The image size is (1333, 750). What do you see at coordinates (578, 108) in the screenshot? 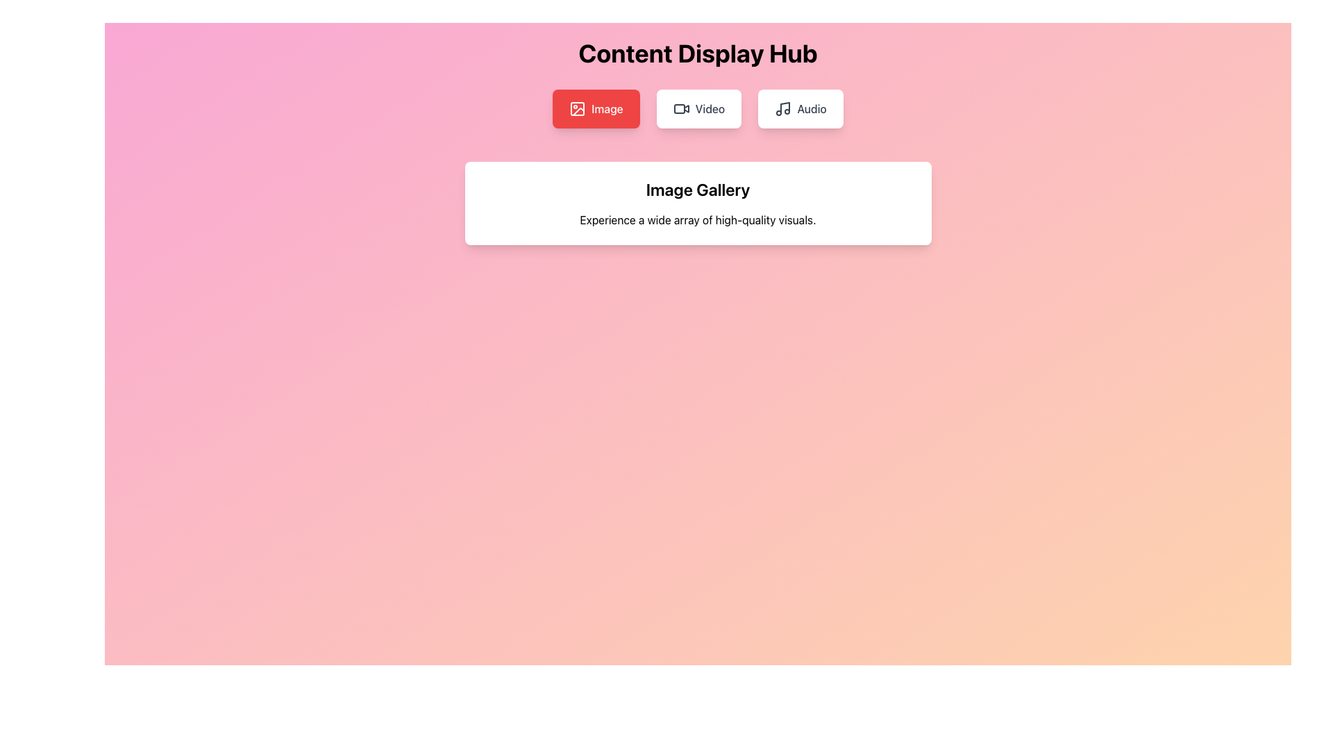
I see `the SVG icon that resembles an image, which is located on the leftmost side of a group of three buttons (Image, Video, Audio) below the 'Content Display Hub' heading, within the red button labeled 'Image'` at bounding box center [578, 108].